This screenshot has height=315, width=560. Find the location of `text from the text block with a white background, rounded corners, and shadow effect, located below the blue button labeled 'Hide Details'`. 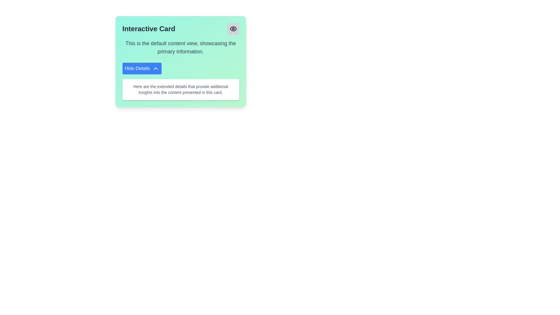

text from the text block with a white background, rounded corners, and shadow effect, located below the blue button labeled 'Hide Details' is located at coordinates (180, 90).